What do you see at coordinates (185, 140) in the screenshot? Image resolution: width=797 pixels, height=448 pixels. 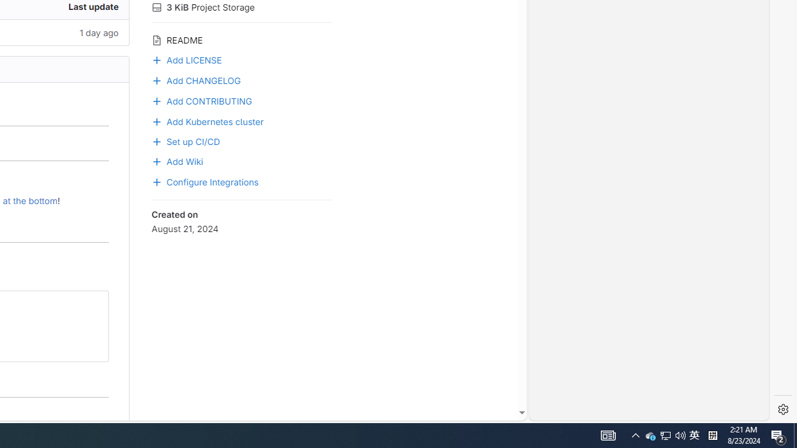 I see `'Set up CI/CD'` at bounding box center [185, 140].